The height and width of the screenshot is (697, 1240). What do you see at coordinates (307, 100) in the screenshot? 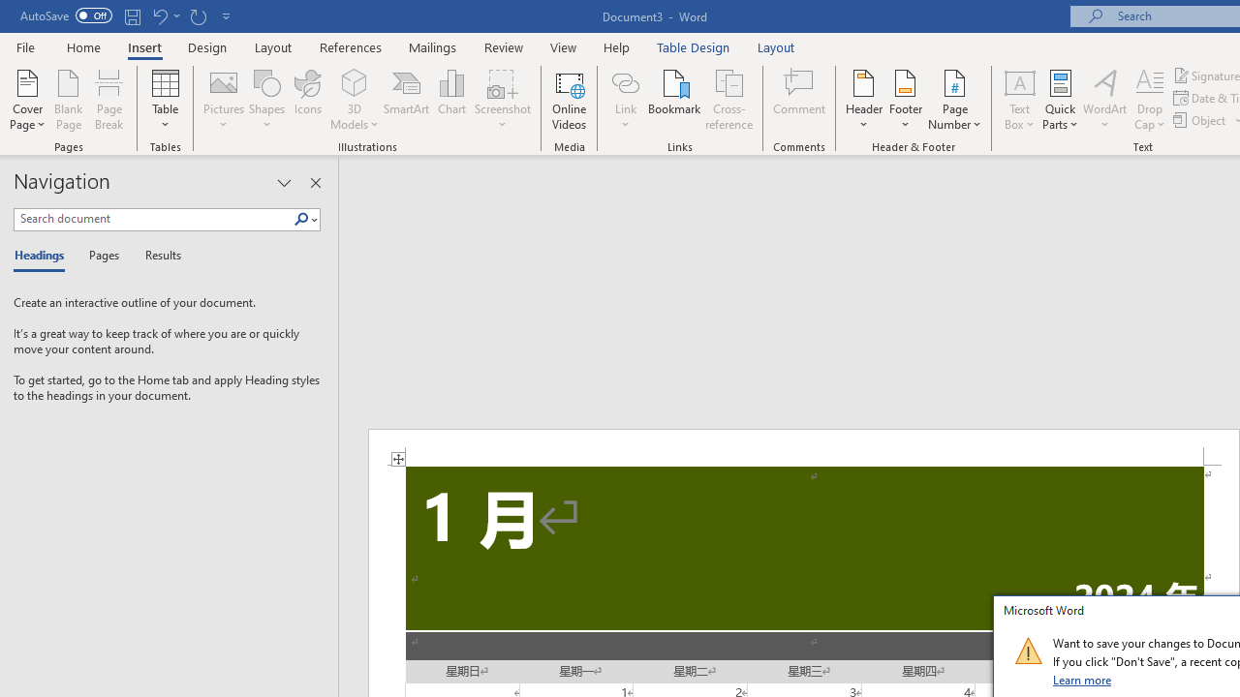
I see `'Icons'` at bounding box center [307, 100].